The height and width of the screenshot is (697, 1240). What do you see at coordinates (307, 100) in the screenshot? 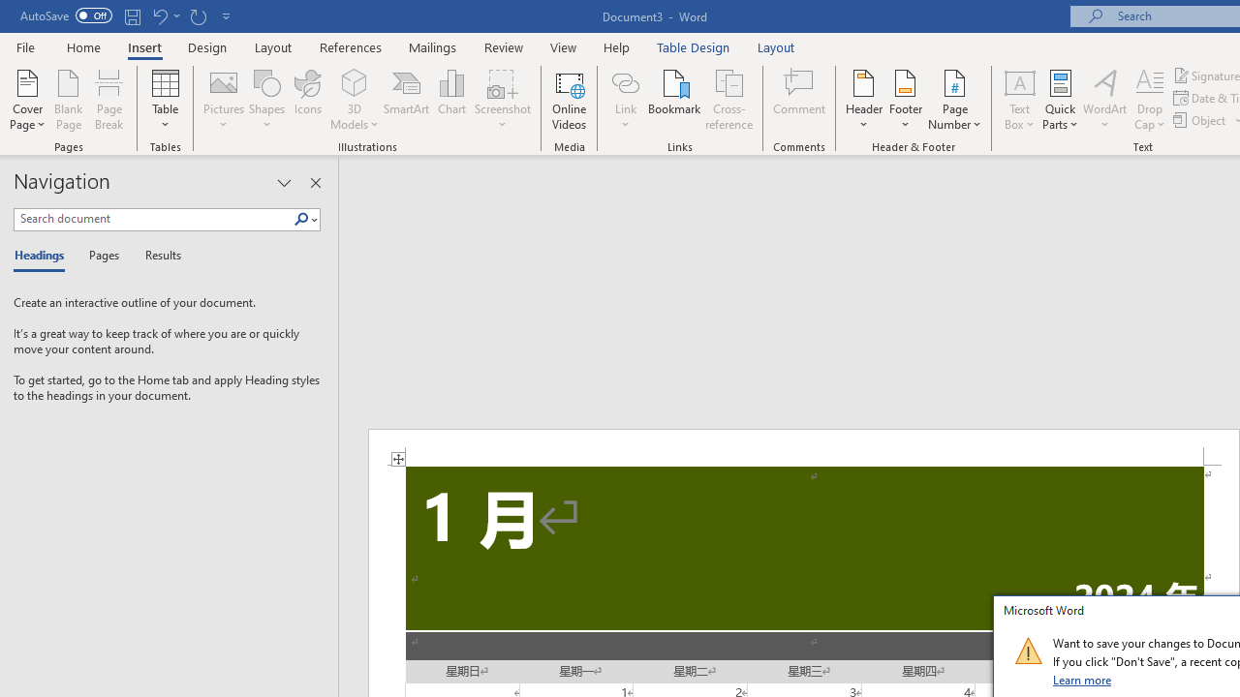
I see `'Icons'` at bounding box center [307, 100].